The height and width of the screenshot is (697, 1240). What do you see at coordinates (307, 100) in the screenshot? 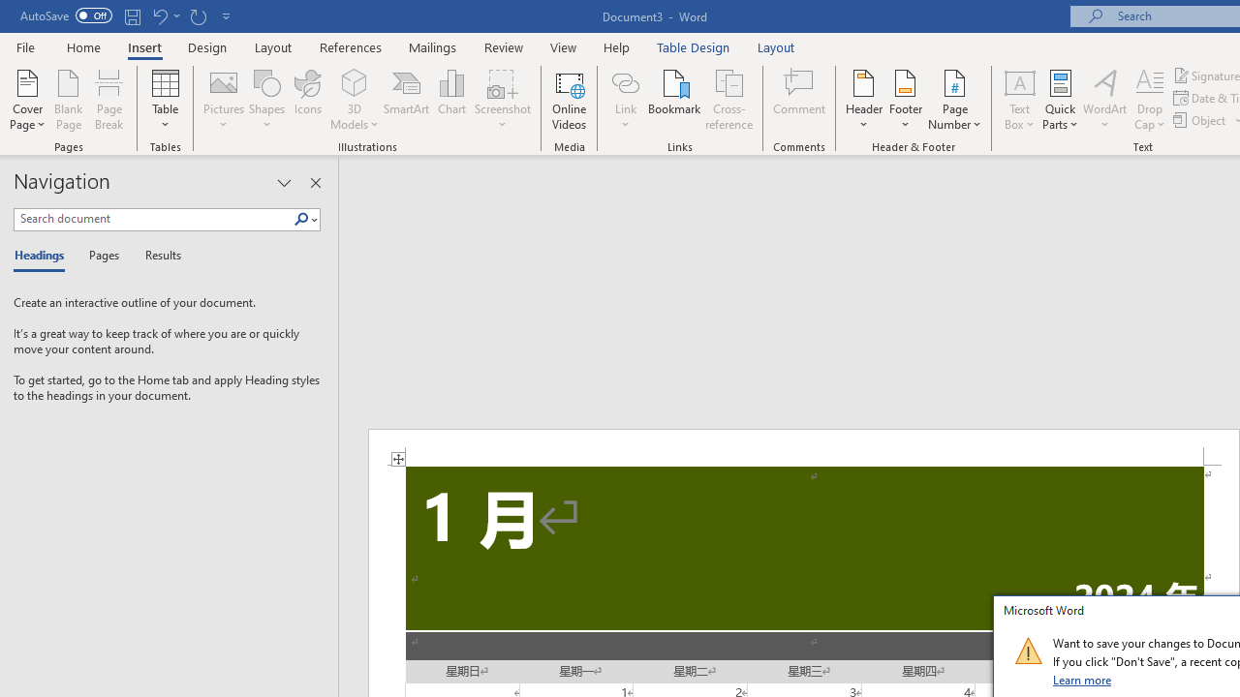
I see `'Icons'` at bounding box center [307, 100].